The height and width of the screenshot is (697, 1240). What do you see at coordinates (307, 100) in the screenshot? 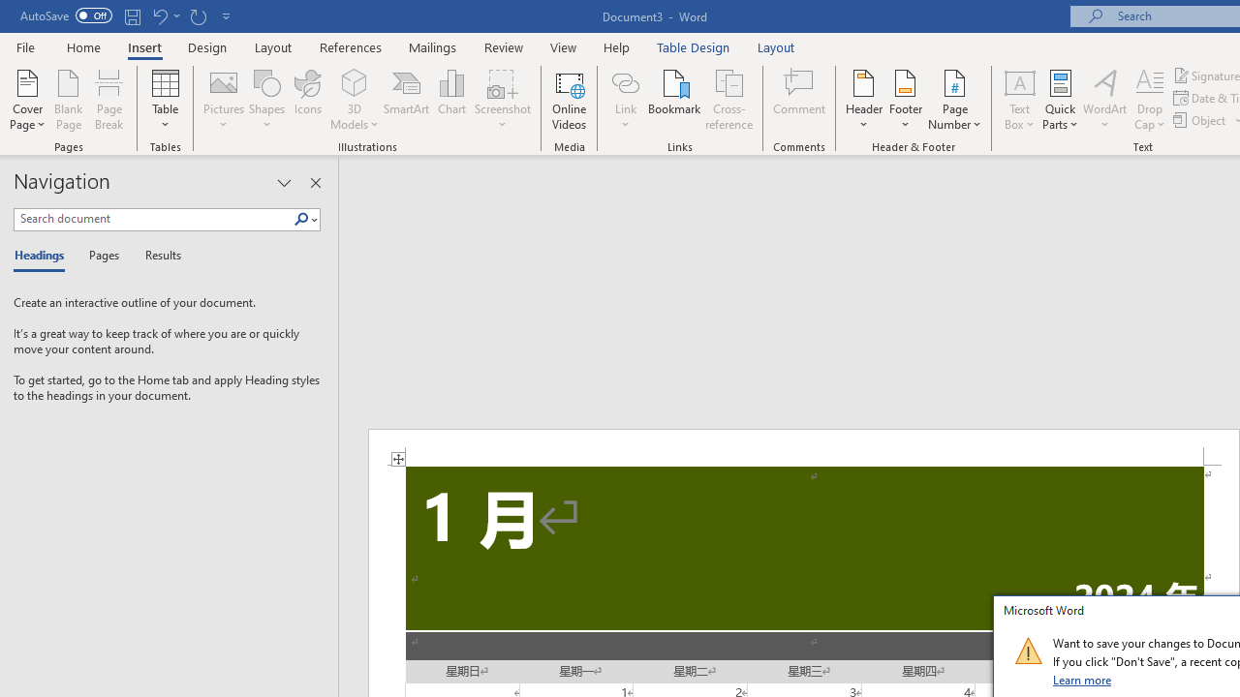
I see `'Icons'` at bounding box center [307, 100].